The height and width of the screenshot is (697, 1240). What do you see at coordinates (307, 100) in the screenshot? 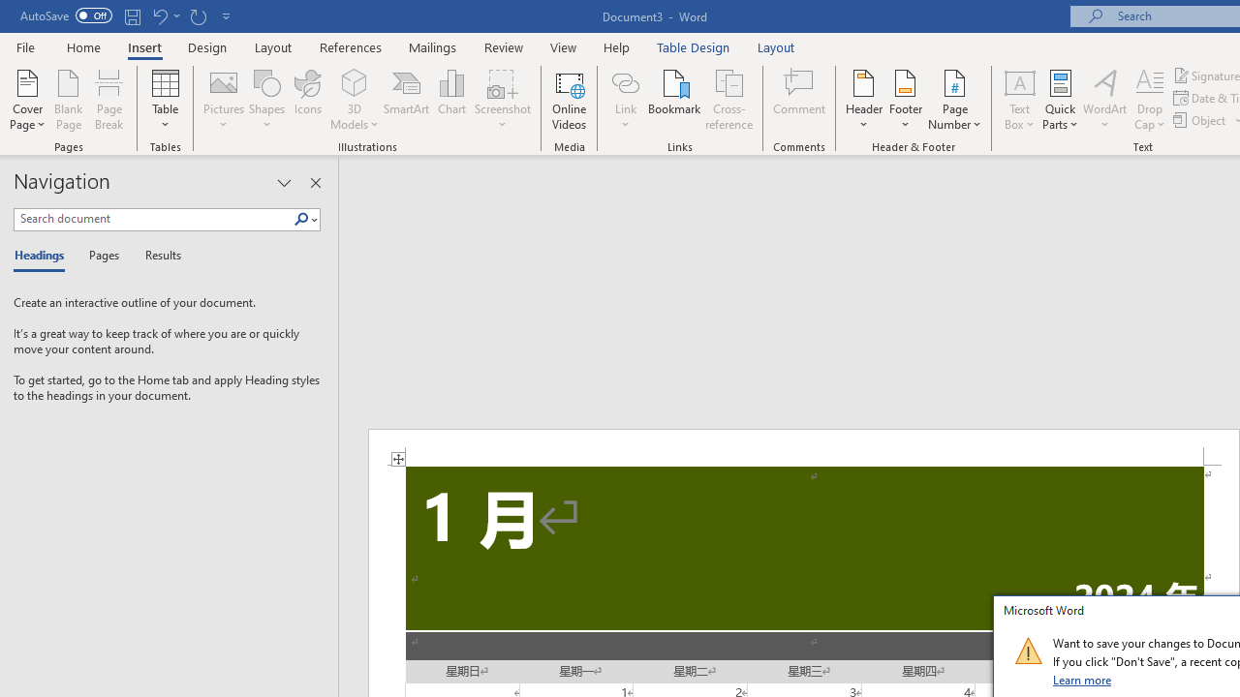
I see `'Icons'` at bounding box center [307, 100].